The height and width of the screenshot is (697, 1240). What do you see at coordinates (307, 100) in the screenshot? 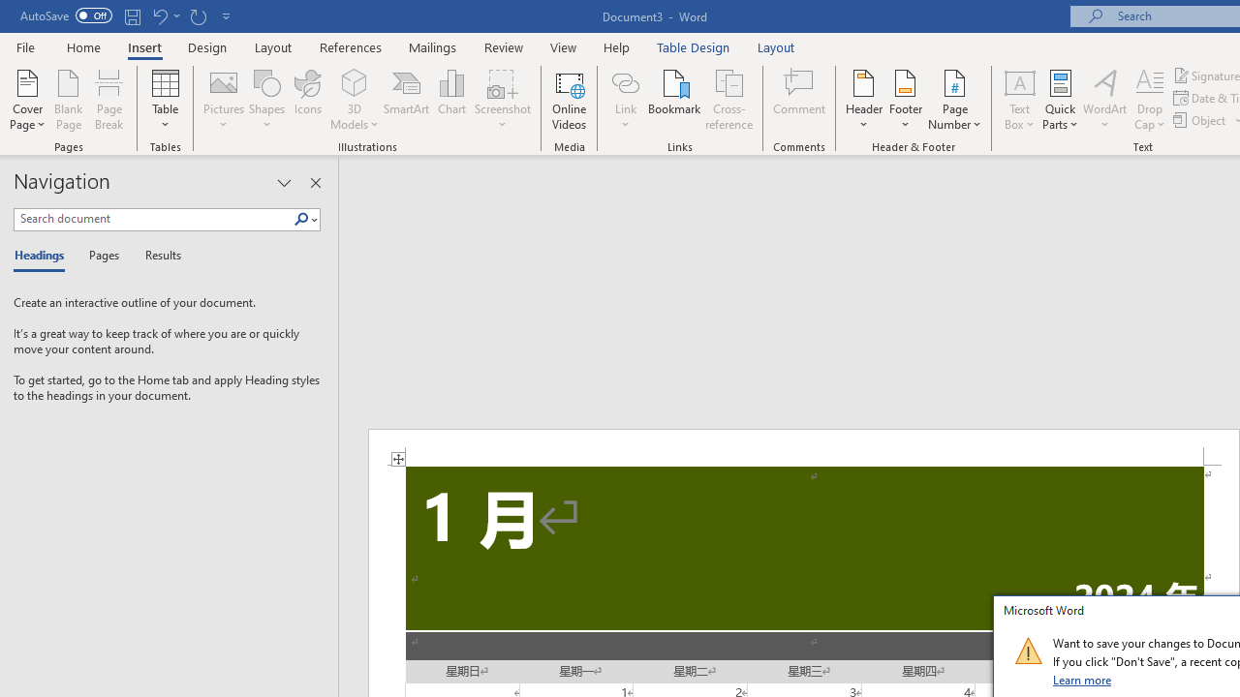
I see `'Icons'` at bounding box center [307, 100].